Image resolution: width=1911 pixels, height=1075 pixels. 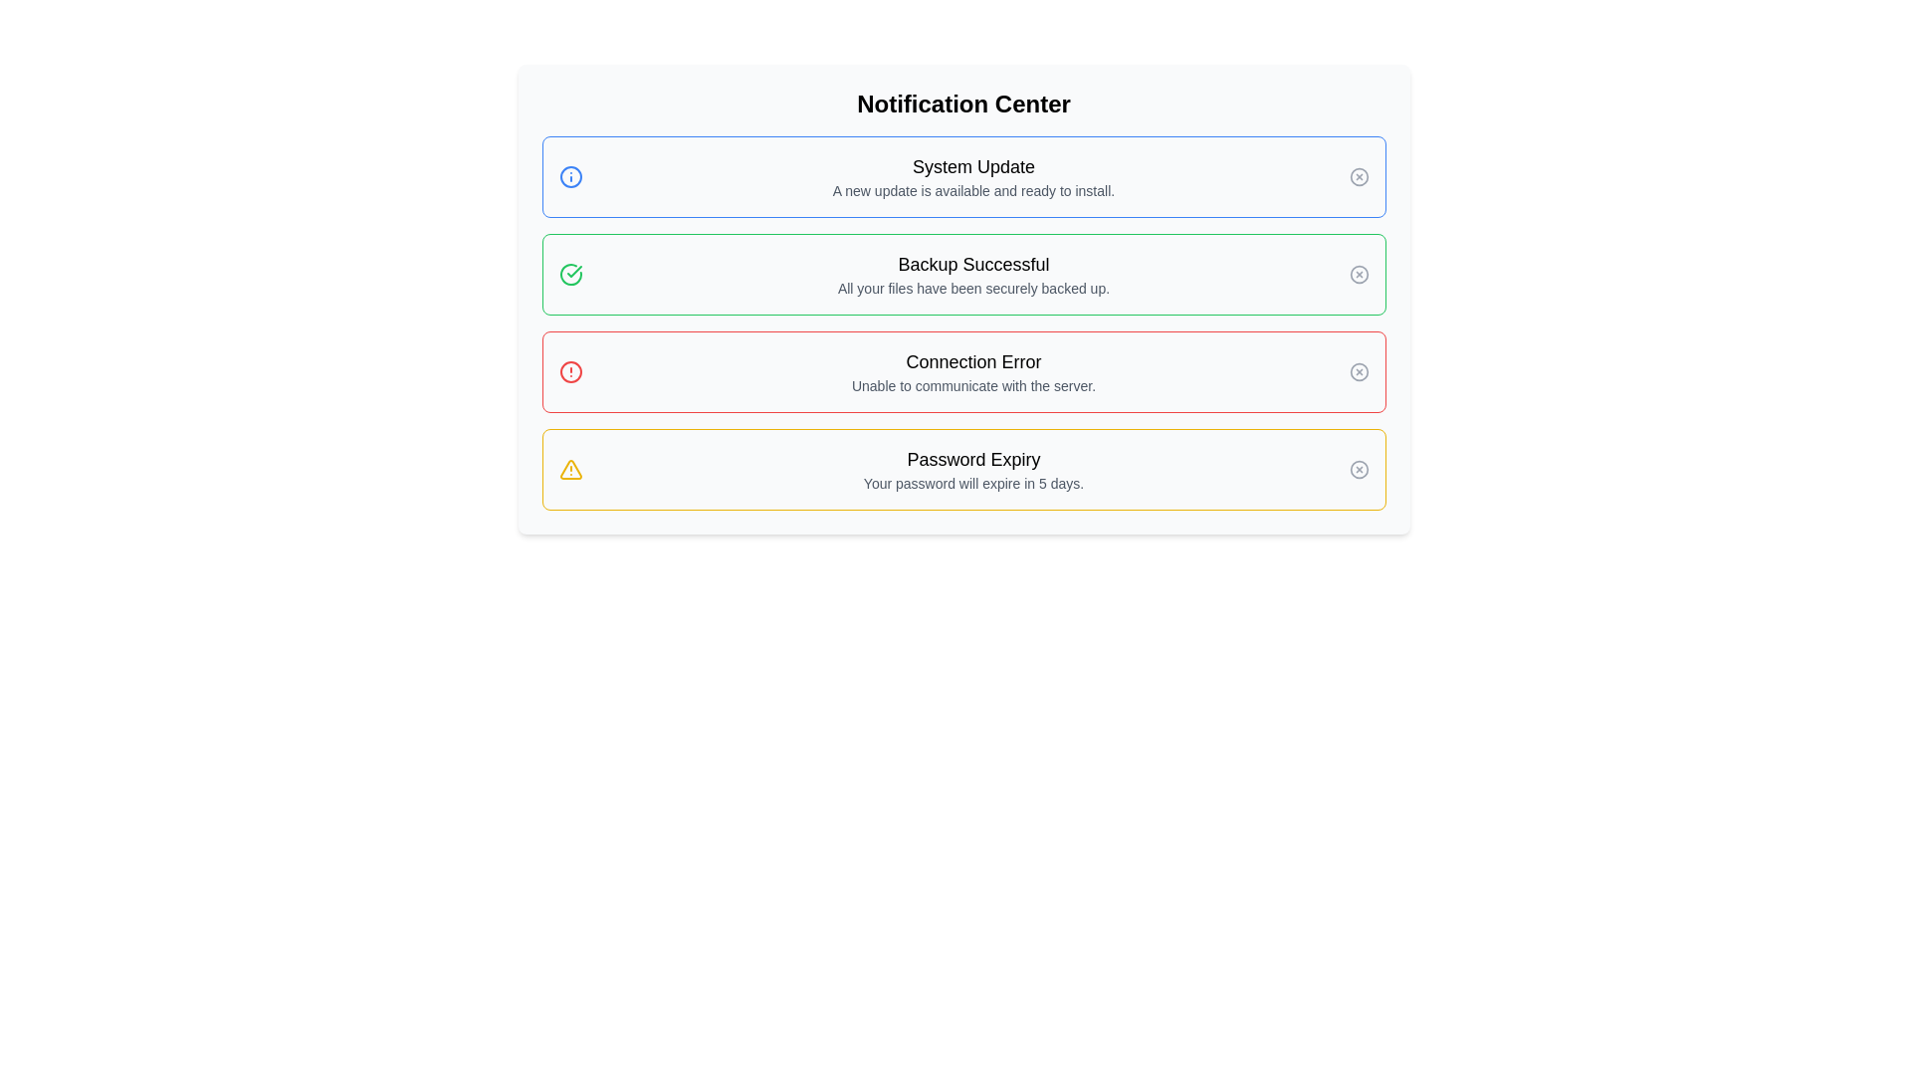 I want to click on the connection error icon located within the 'Connection Error' notification card, which is positioned to the left of the text content, so click(x=569, y=372).